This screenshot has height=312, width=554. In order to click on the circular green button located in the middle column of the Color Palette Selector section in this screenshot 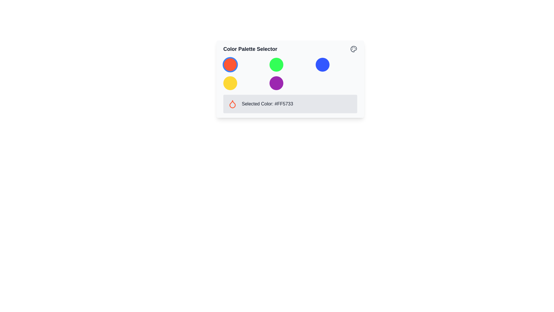, I will do `click(276, 64)`.